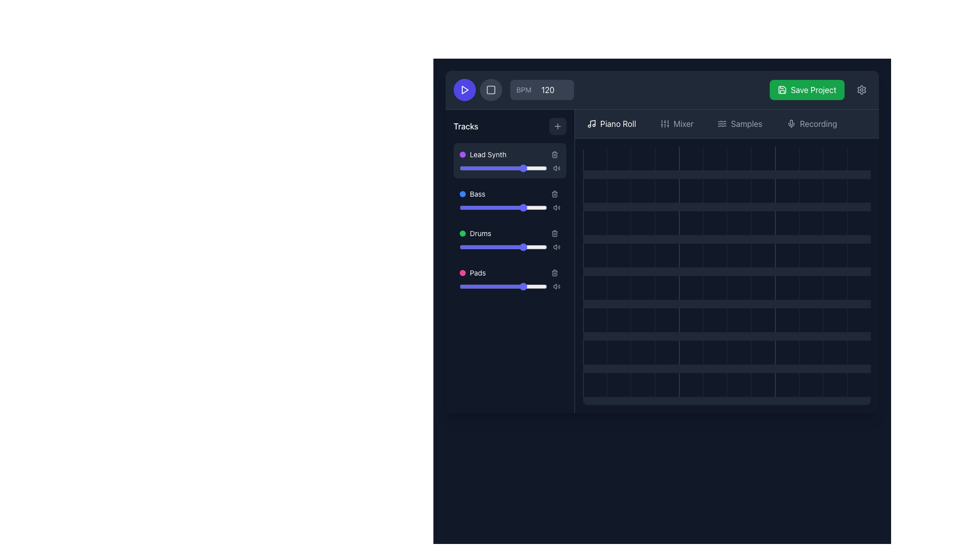  Describe the element at coordinates (618, 222) in the screenshot. I see `the Grid Cell located in the second column of the fourth row within a grid layout, which has a dark gray background and no visible content or icons` at that location.